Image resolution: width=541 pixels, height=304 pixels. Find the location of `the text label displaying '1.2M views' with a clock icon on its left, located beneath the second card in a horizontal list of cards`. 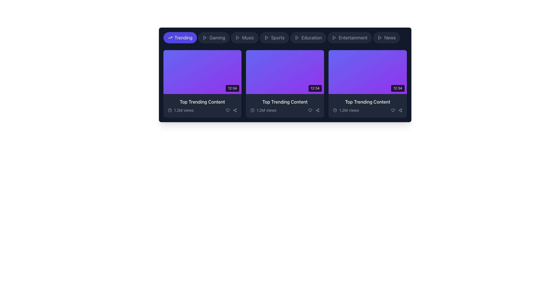

the text label displaying '1.2M views' with a clock icon on its left, located beneath the second card in a horizontal list of cards is located at coordinates (263, 110).